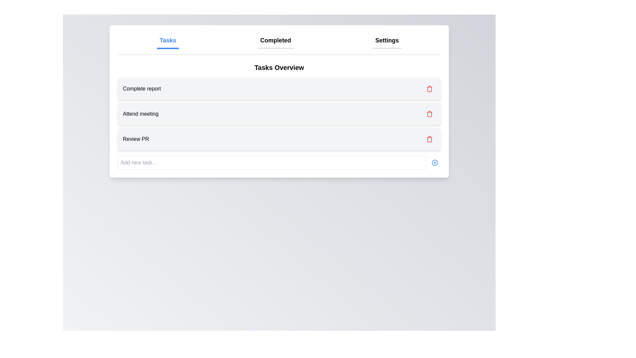  What do you see at coordinates (387, 41) in the screenshot?
I see `the third item in the navigation bar, which is the Settings option` at bounding box center [387, 41].